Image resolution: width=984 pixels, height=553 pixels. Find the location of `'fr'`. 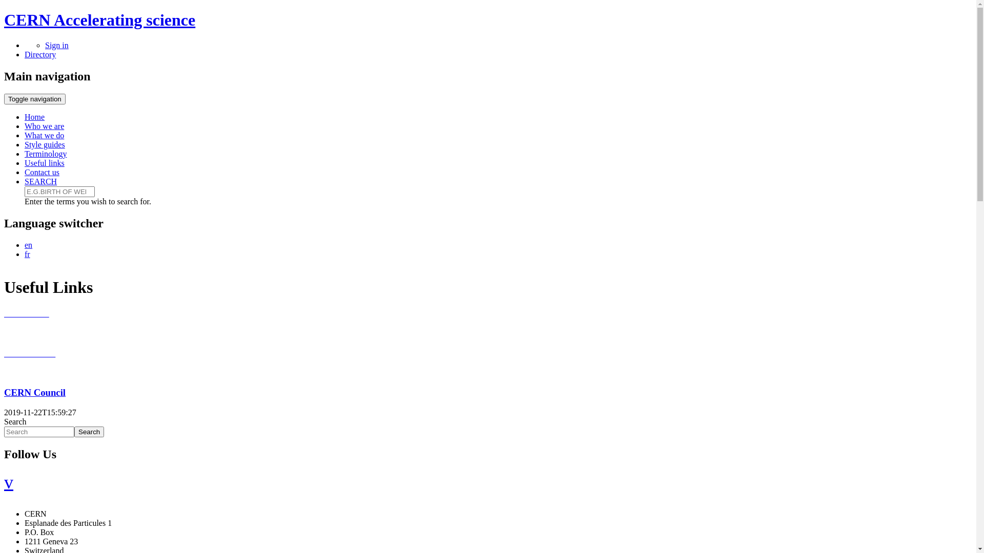

'fr' is located at coordinates (27, 253).